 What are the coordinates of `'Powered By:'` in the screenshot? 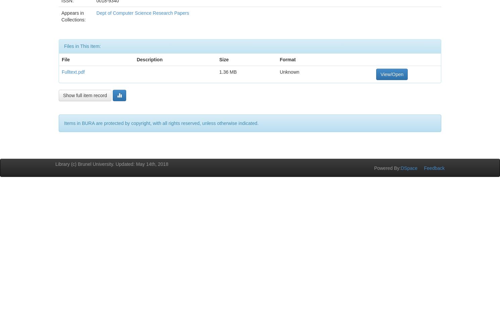 It's located at (387, 168).